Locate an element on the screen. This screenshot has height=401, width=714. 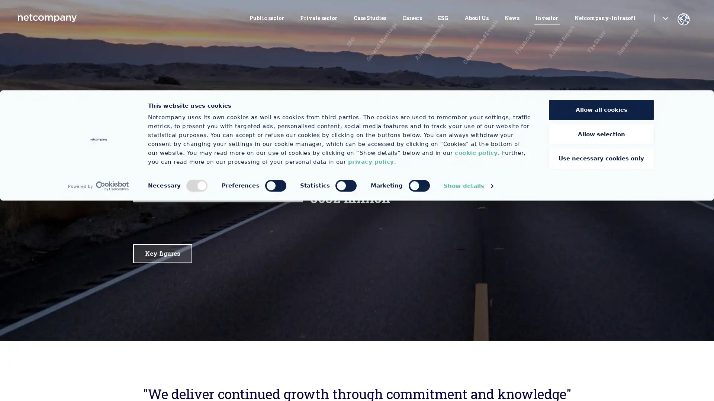
Use necessary cookies only is located at coordinates (601, 359).